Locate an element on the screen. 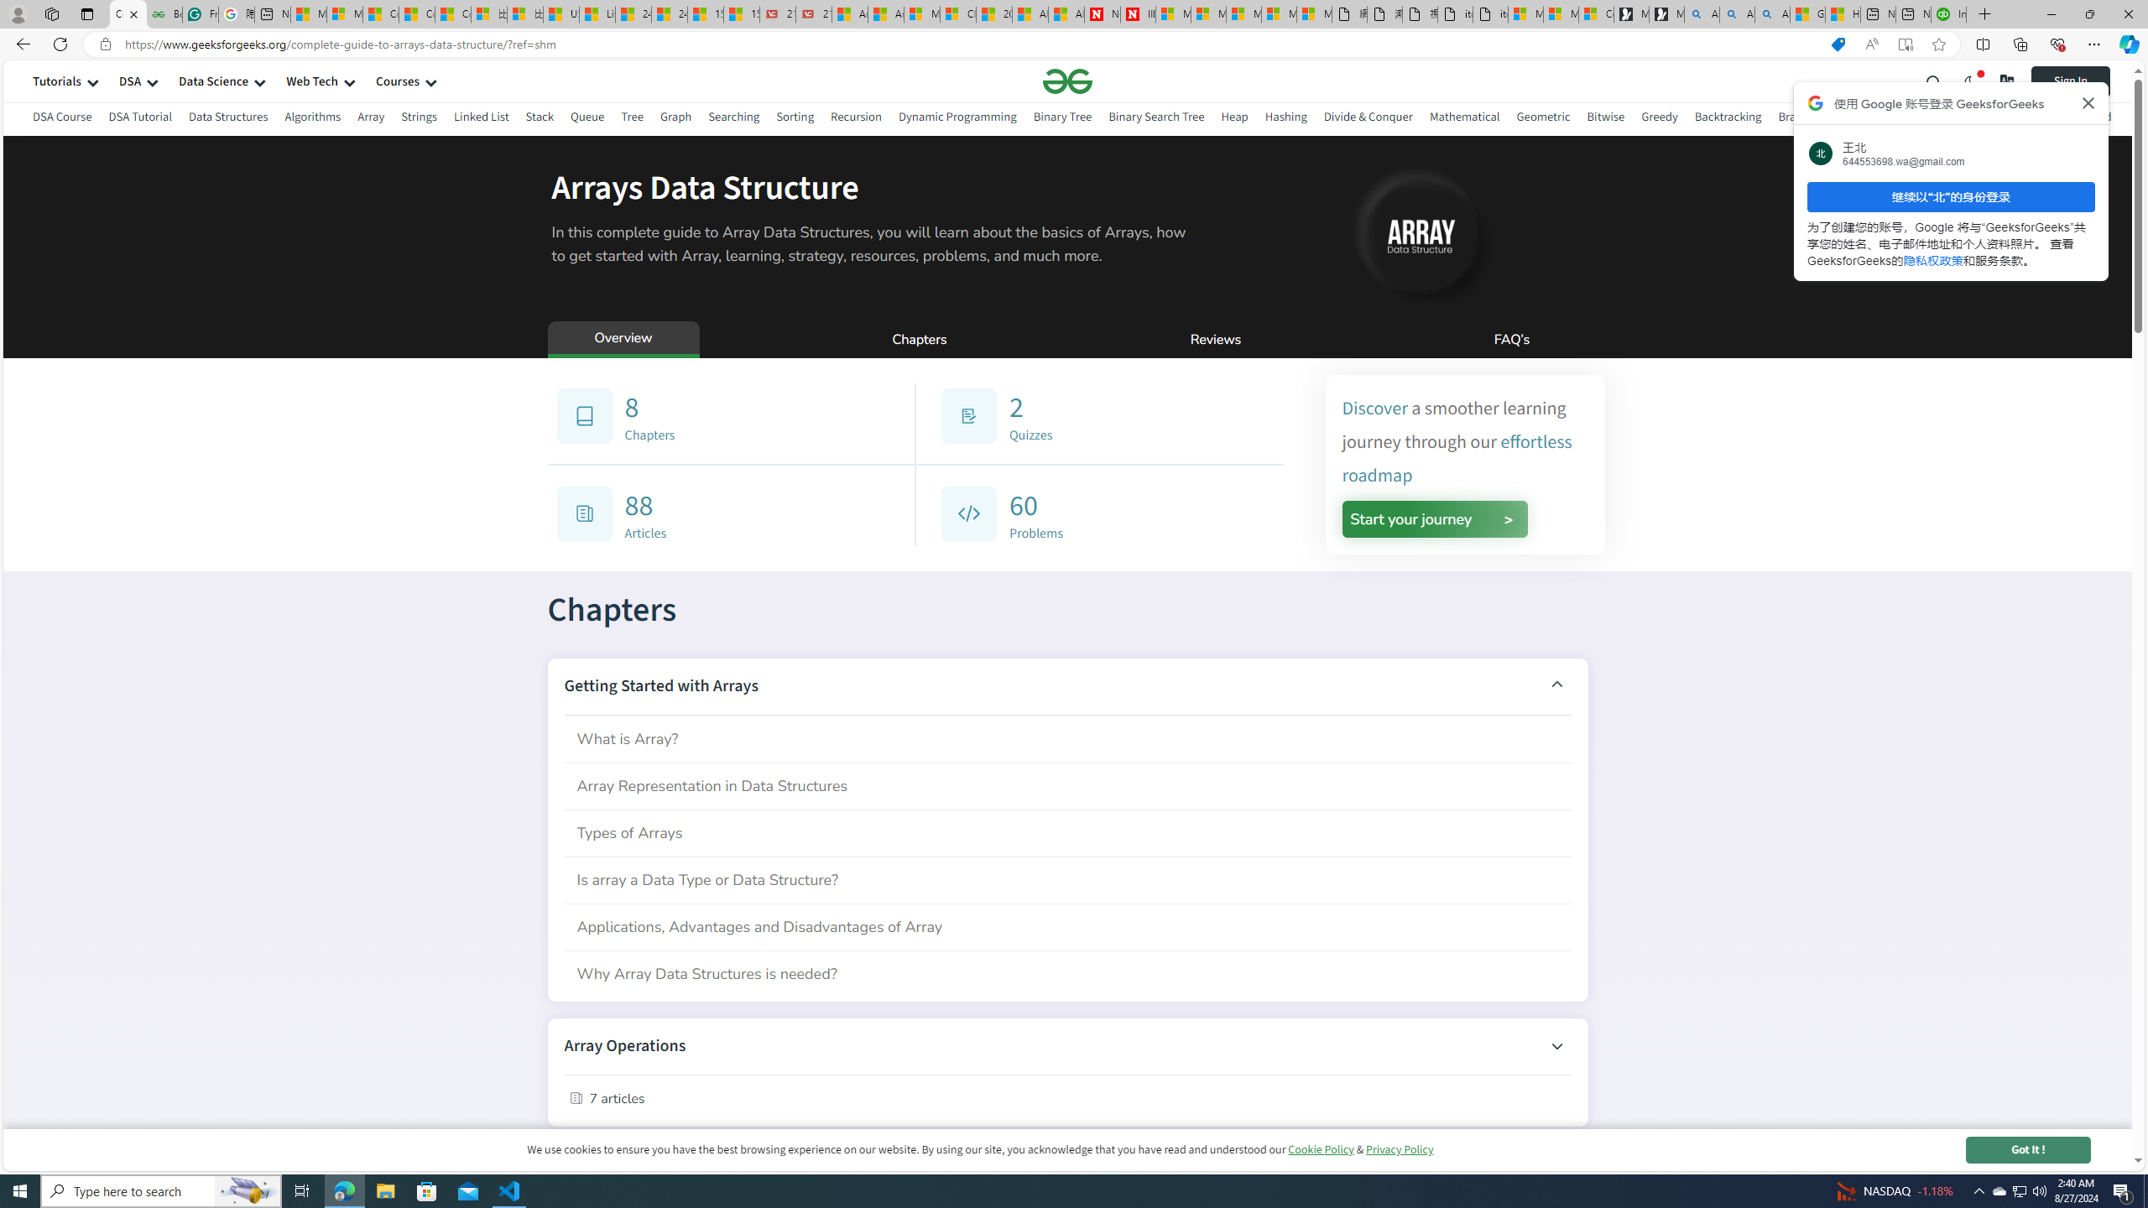 The width and height of the screenshot is (2148, 1208). 'Mathematical' is located at coordinates (1463, 116).